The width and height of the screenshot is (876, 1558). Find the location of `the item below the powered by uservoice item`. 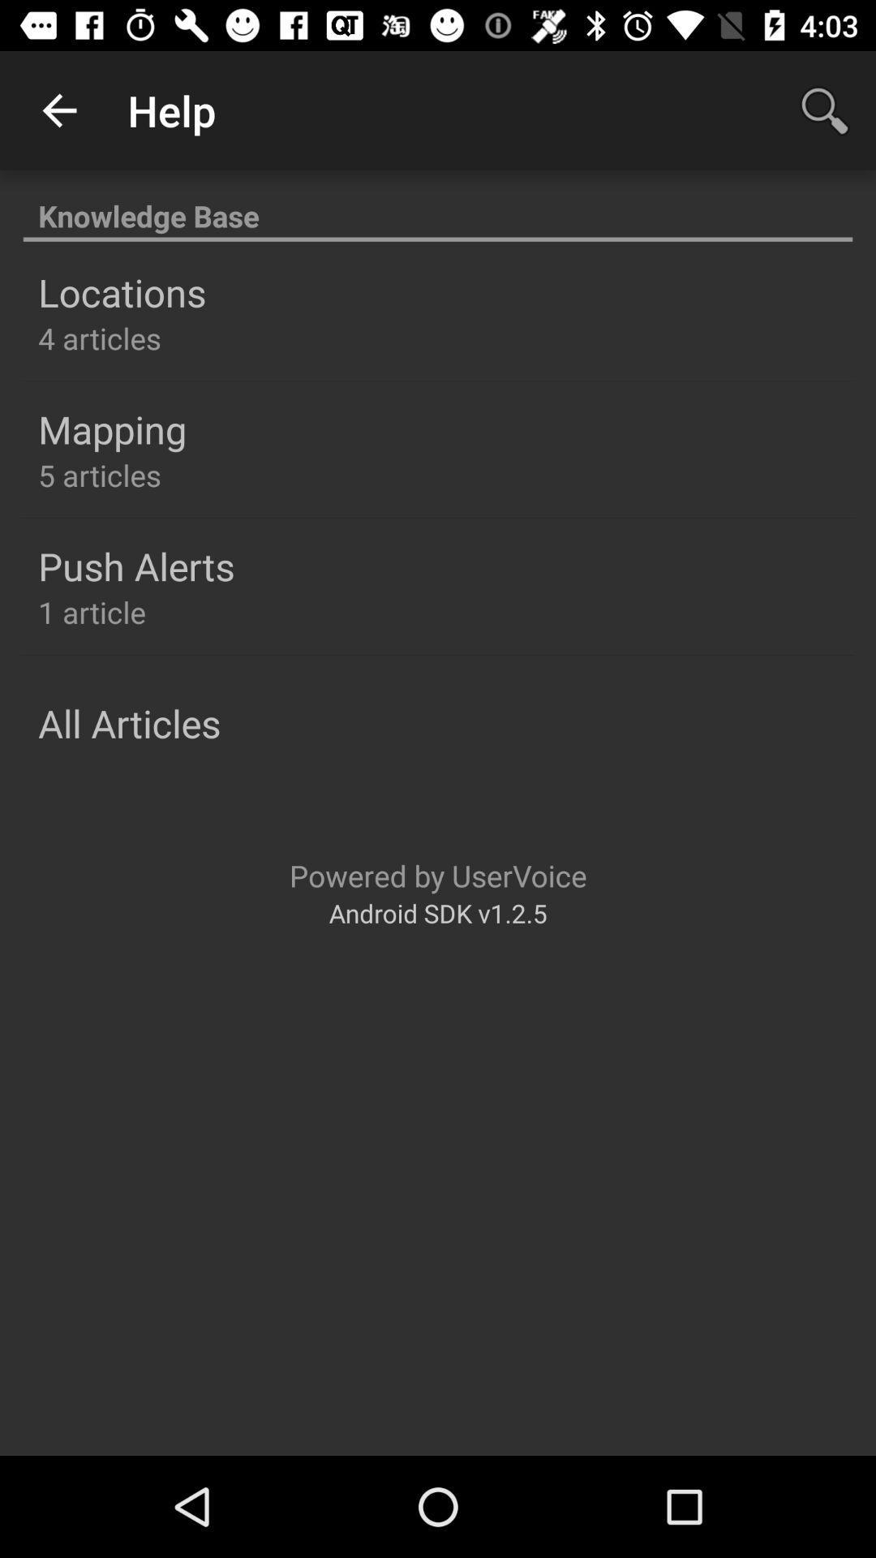

the item below the powered by uservoice item is located at coordinates (438, 913).